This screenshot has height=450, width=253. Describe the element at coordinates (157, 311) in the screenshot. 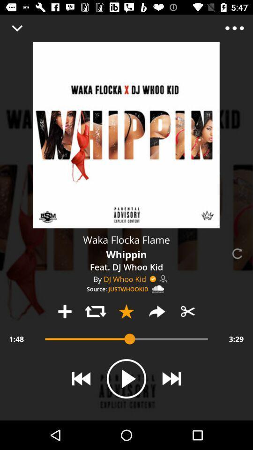

I see `the redo icon` at that location.